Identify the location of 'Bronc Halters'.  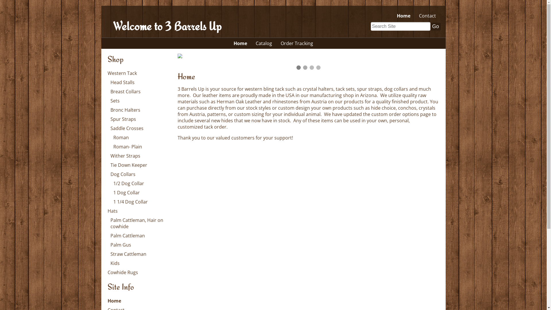
(125, 110).